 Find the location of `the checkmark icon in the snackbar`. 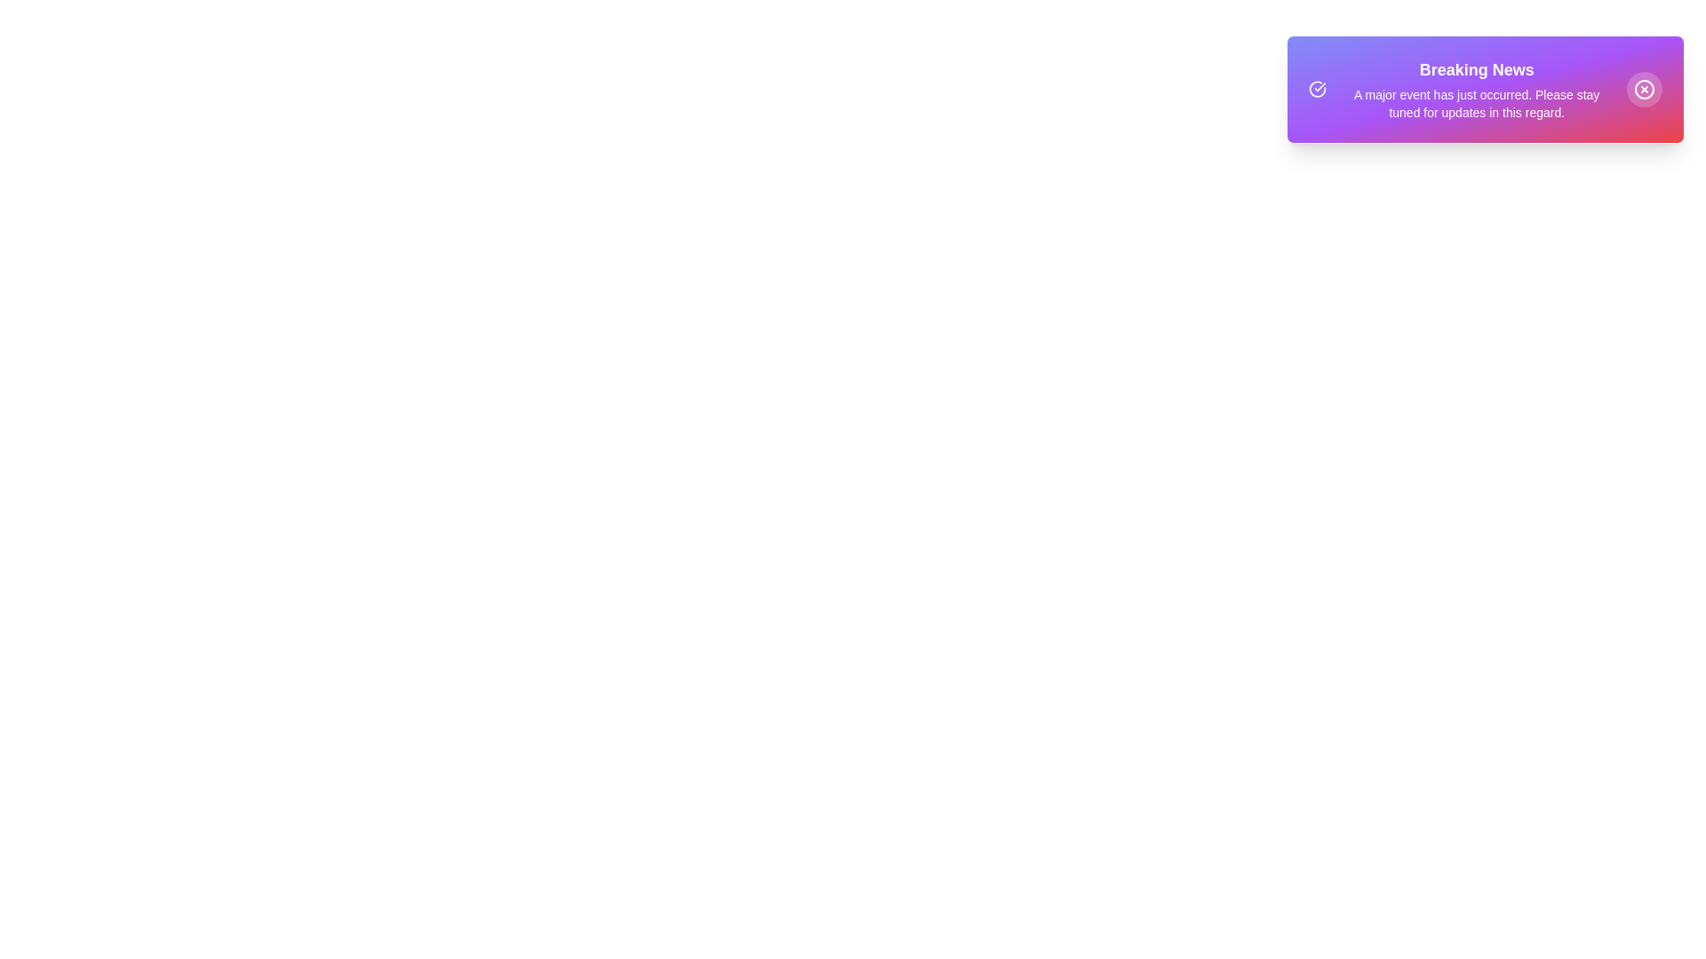

the checkmark icon in the snackbar is located at coordinates (1318, 89).